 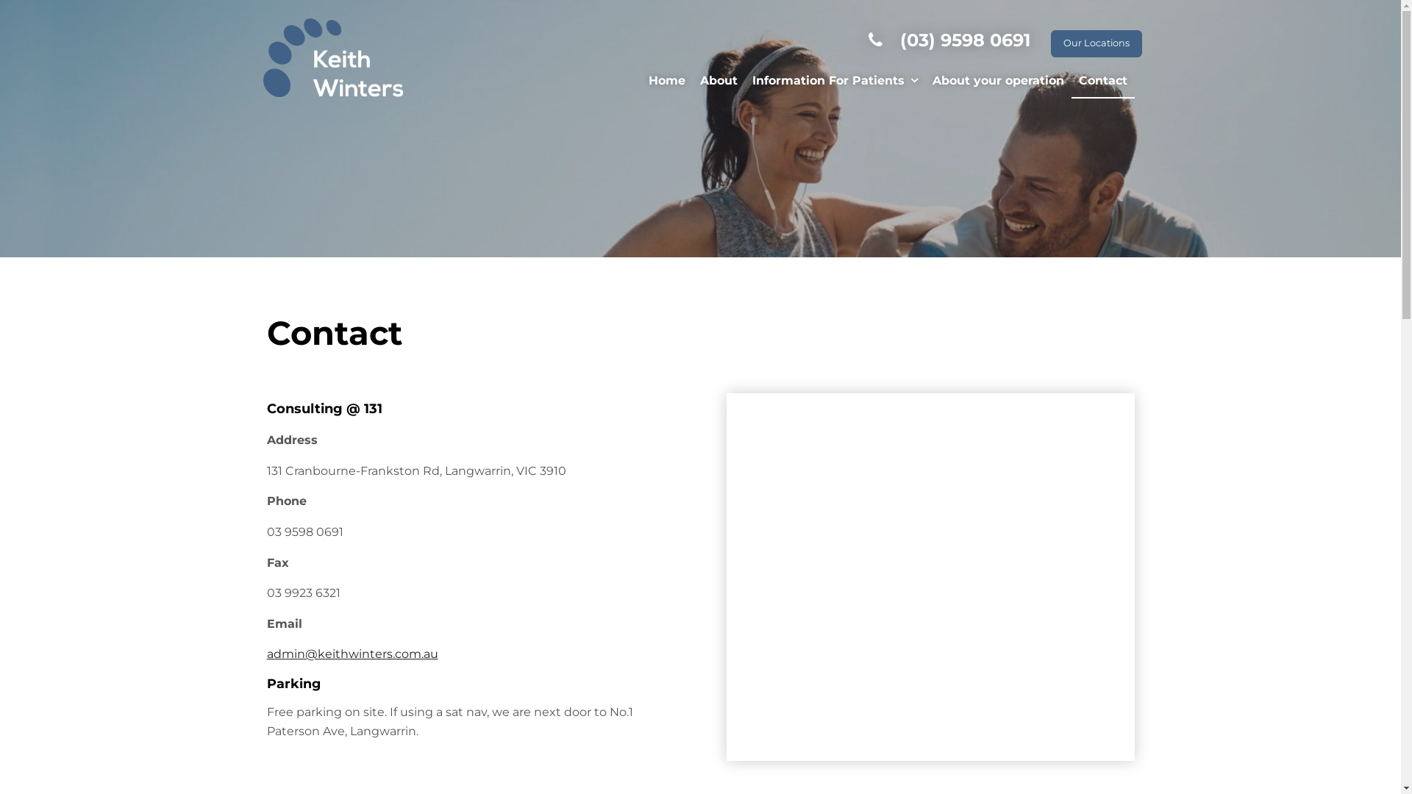 I want to click on 'Information For Patients', so click(x=834, y=82).